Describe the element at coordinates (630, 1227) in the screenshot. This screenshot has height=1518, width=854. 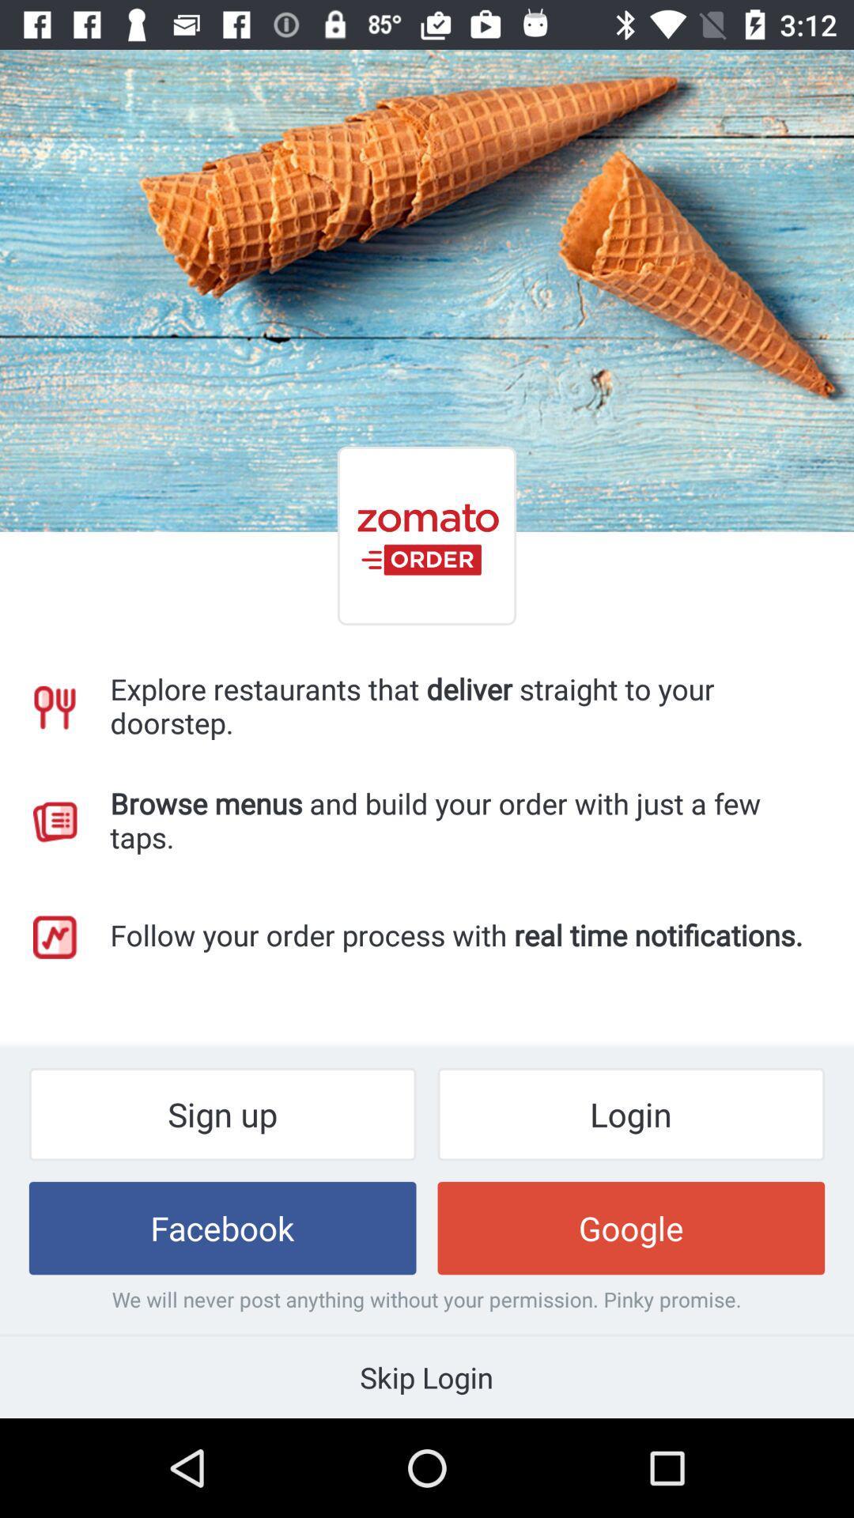
I see `item next to facebook item` at that location.